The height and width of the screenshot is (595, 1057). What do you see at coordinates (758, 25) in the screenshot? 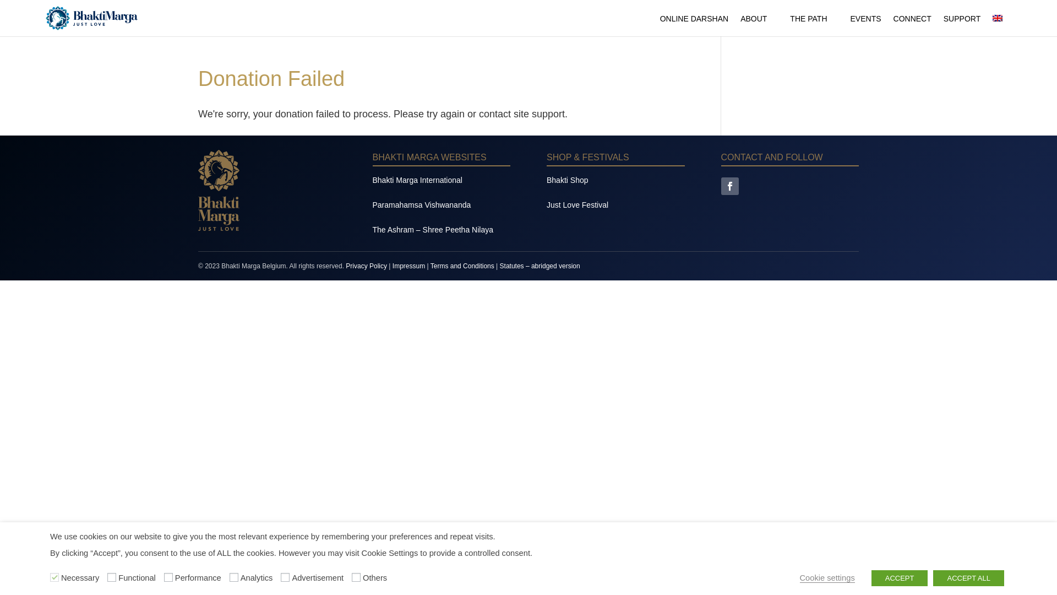
I see `'ABOUT'` at bounding box center [758, 25].